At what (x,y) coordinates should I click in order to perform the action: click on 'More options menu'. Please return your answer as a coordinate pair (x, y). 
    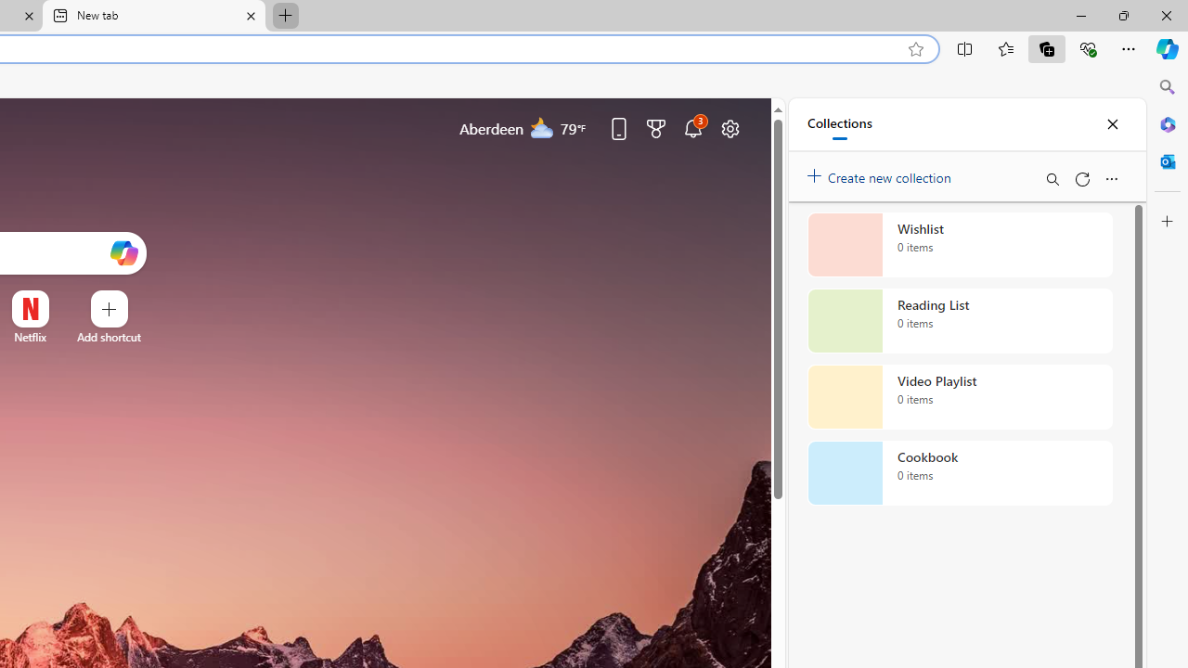
    Looking at the image, I should click on (1111, 178).